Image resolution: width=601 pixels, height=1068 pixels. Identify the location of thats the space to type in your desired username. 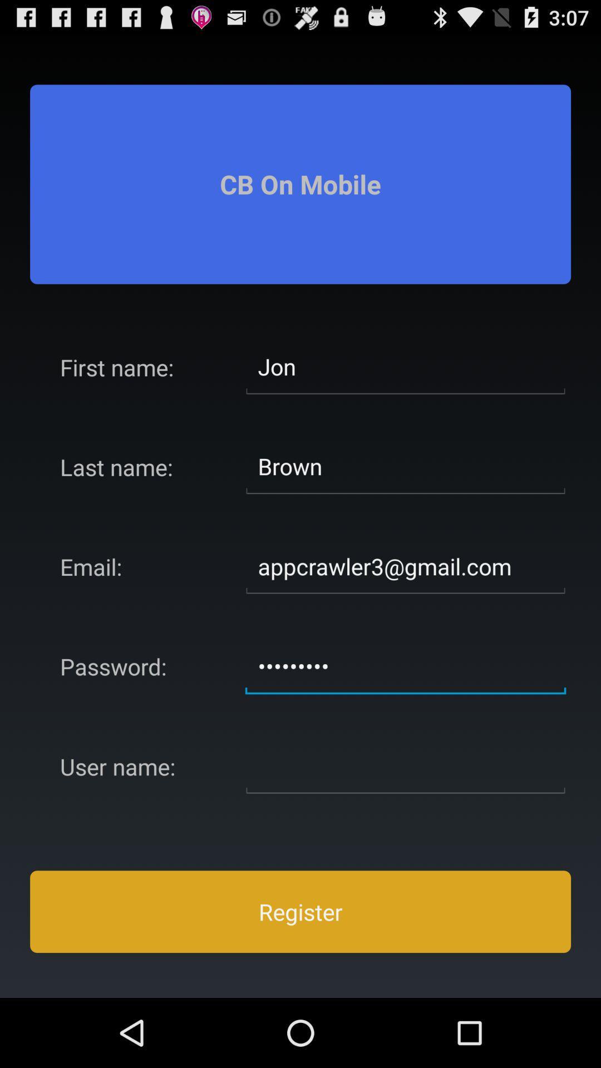
(406, 765).